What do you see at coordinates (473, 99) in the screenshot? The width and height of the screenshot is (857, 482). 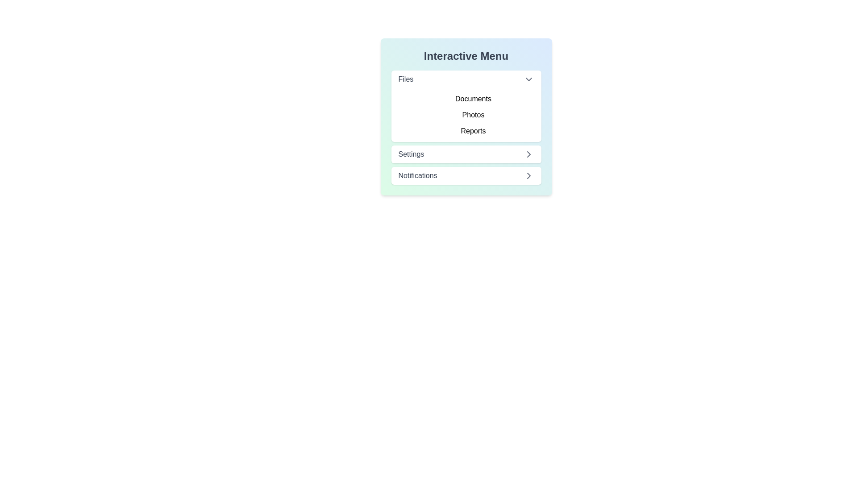 I see `the 'Documents' label, which is the first item in the dropdown menu under the 'Files' section` at bounding box center [473, 99].